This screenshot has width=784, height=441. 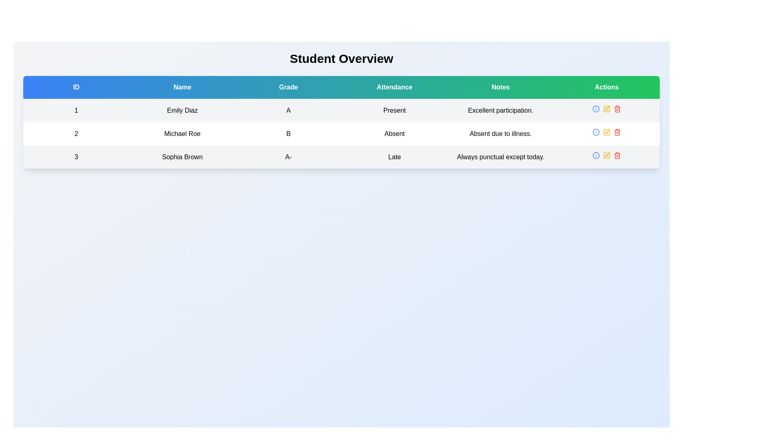 I want to click on the delete button located in the 'Actions' column of the third row in the table, so click(x=617, y=108).